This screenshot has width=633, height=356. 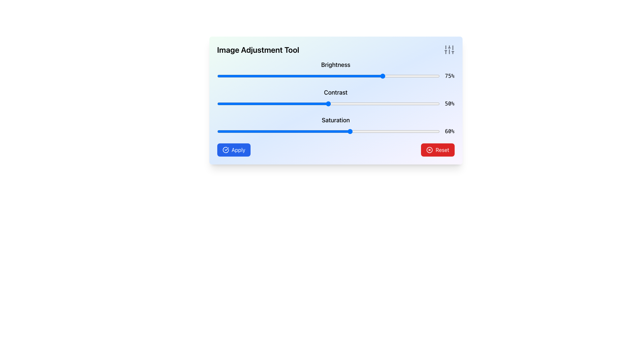 What do you see at coordinates (228, 131) in the screenshot?
I see `the saturation` at bounding box center [228, 131].